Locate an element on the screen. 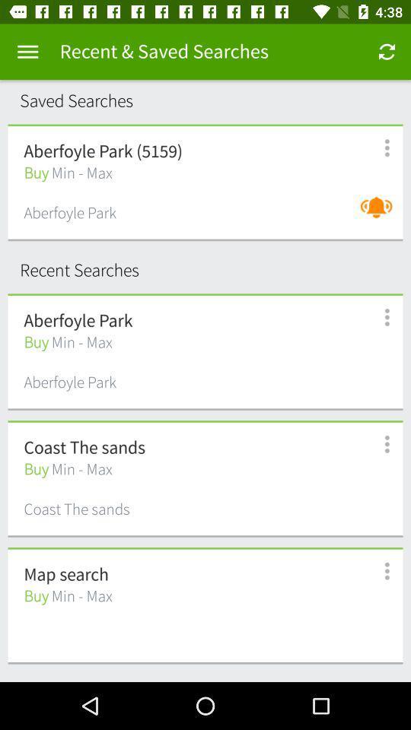 The width and height of the screenshot is (411, 730). menu option is located at coordinates (378, 570).